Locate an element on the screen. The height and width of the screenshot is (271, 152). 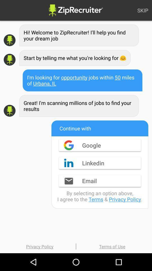
the icon at the top right corner is located at coordinates (143, 10).